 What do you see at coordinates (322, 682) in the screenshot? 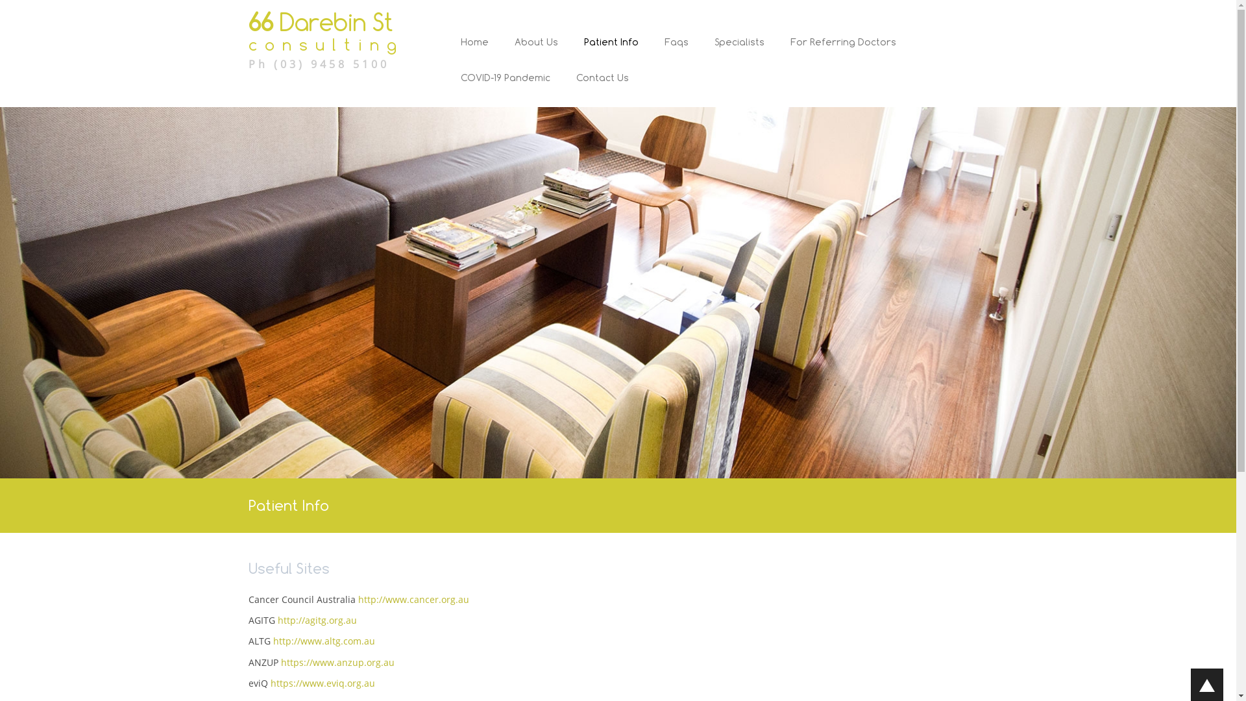
I see `'https://www.eviq.org.au'` at bounding box center [322, 682].